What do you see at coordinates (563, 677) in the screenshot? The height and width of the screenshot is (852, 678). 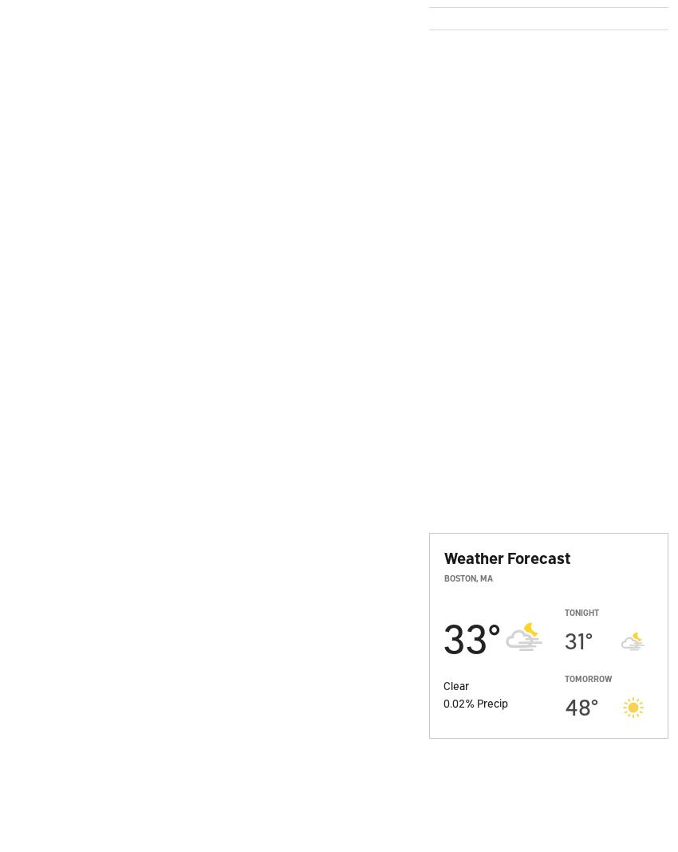 I see `'Tomorrow'` at bounding box center [563, 677].